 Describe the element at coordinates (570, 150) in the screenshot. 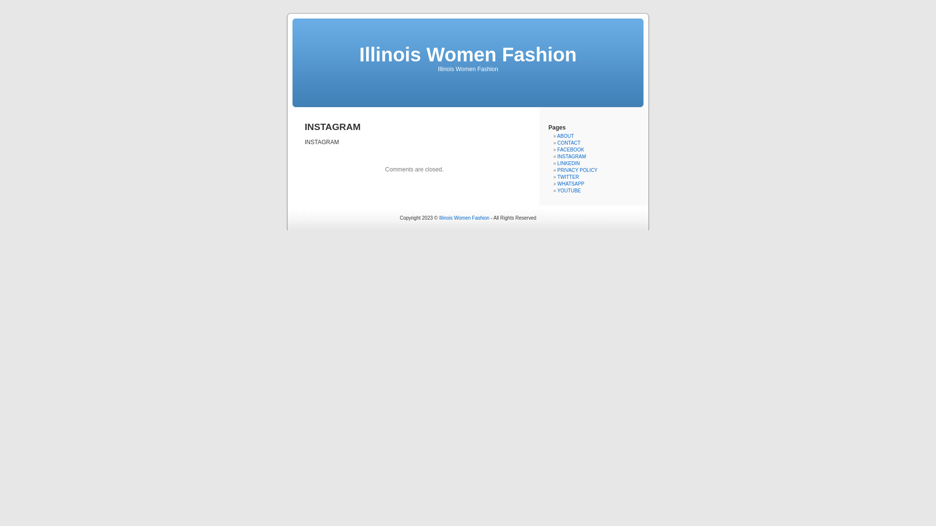

I see `'FACEBOOK'` at that location.